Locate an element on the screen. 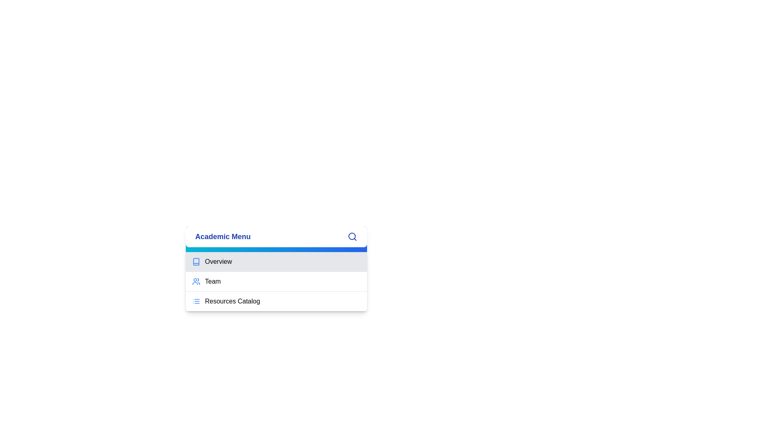 The image size is (777, 437). the small, circular magnifying glass icon with a blue stroke, located adjacent to the top-right corner of the 'Academic Menu' header to initiate search is located at coordinates (352, 237).